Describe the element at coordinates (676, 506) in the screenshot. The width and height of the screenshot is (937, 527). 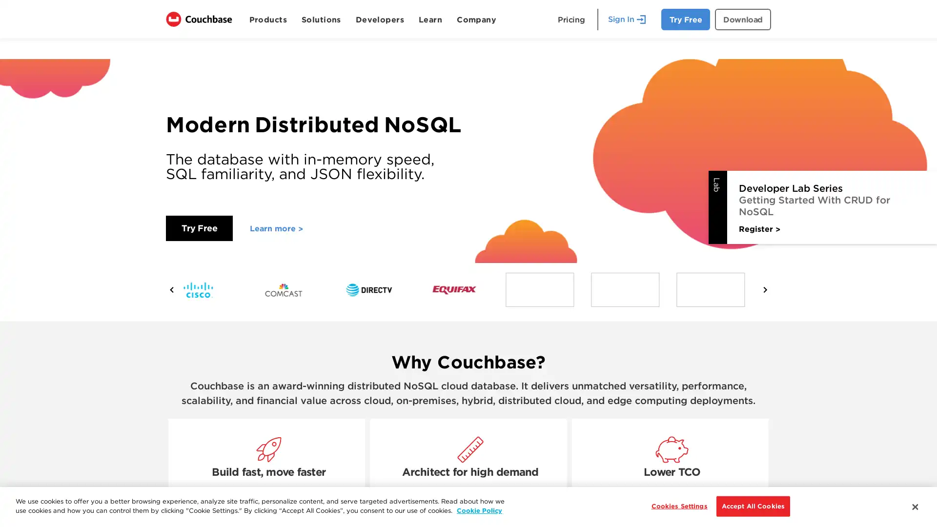
I see `Cookies Settings` at that location.